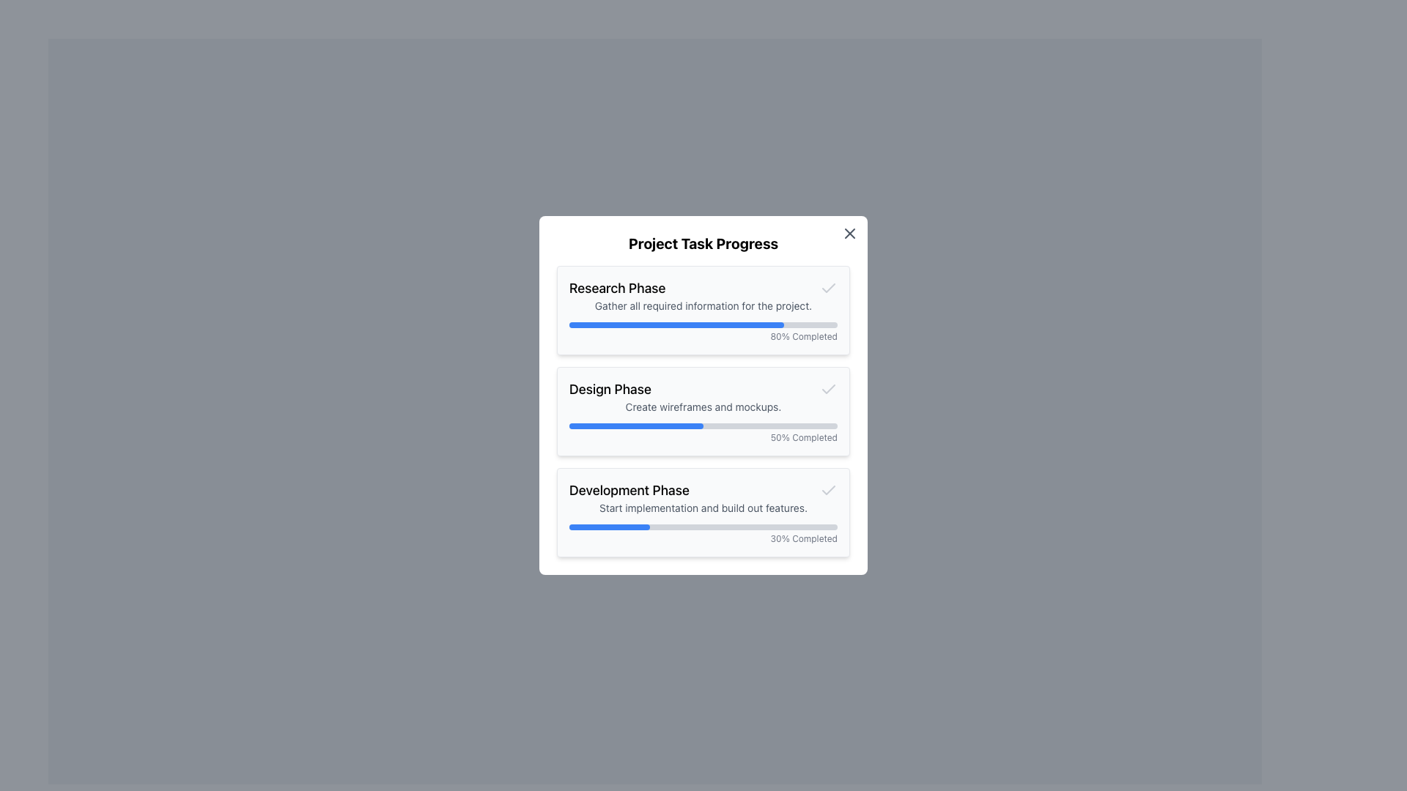 The width and height of the screenshot is (1407, 791). I want to click on the Information Card that summarizes the 'Design Phase' of the project, which is the second card in a vertically stacked list of task phases, so click(703, 412).